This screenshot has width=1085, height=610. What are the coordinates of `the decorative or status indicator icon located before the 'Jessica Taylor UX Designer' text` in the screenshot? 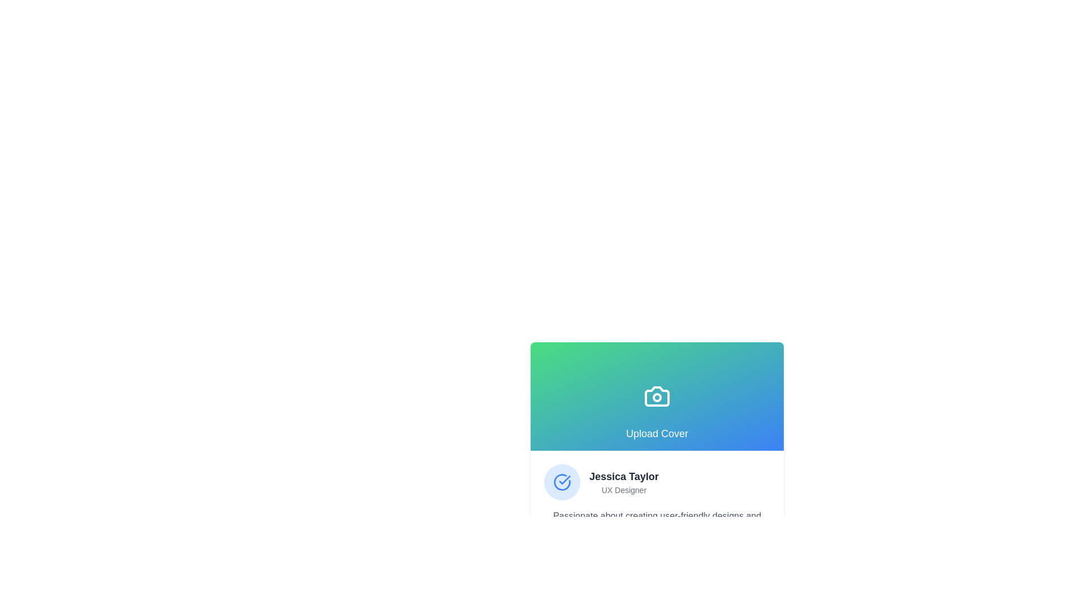 It's located at (562, 482).